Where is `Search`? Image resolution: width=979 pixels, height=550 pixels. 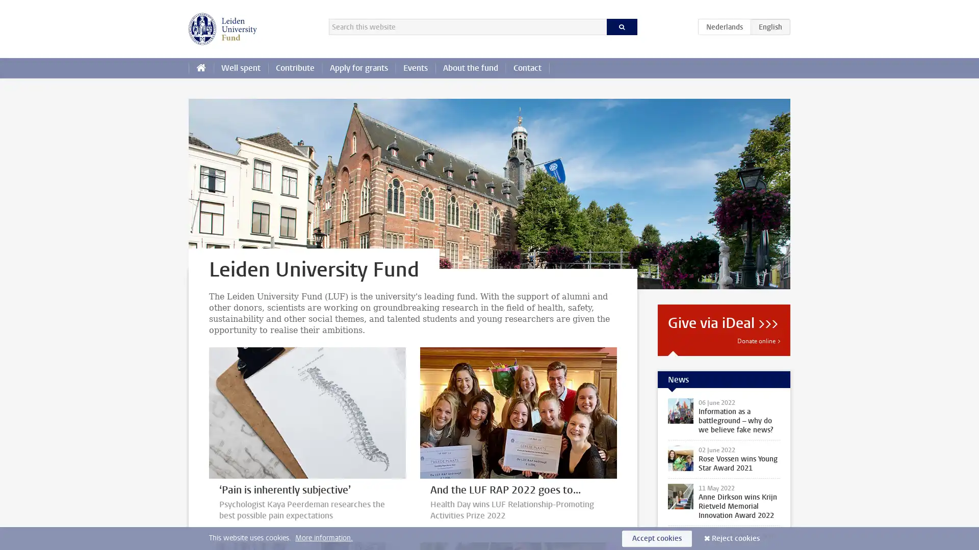 Search is located at coordinates (621, 26).